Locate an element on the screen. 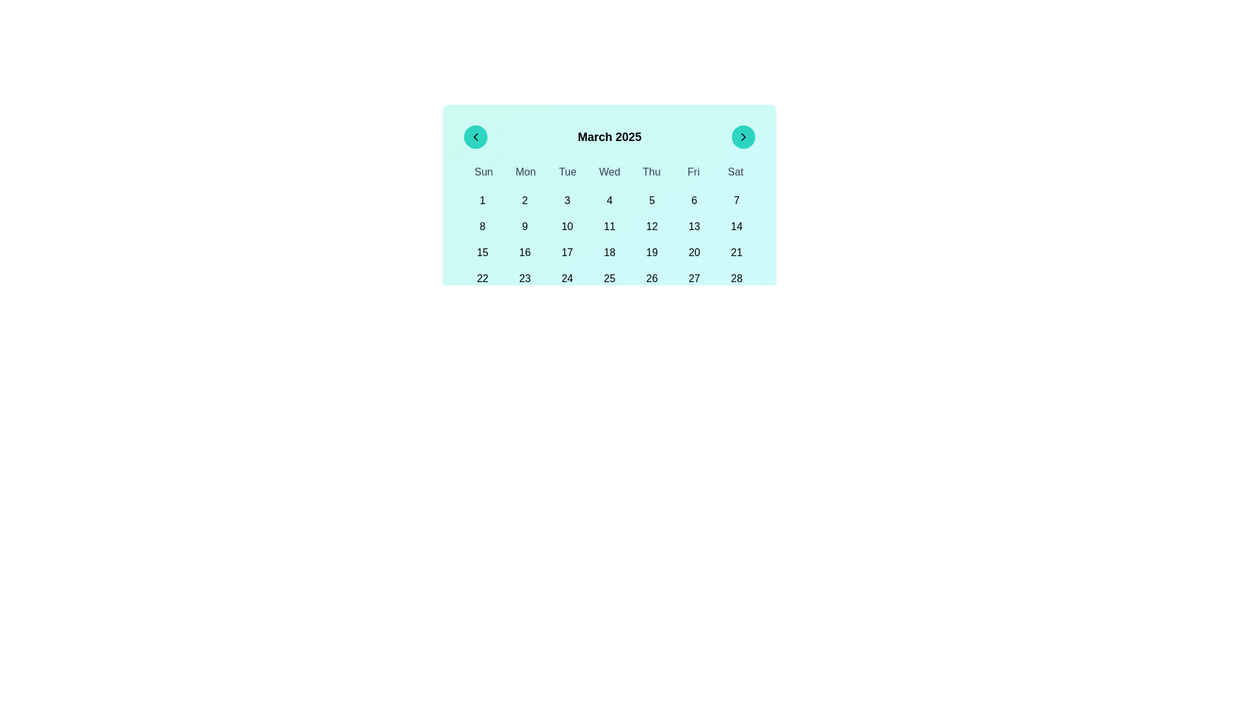  the rounded rectangular button with a light cyan background labeled '21' is located at coordinates (736, 253).